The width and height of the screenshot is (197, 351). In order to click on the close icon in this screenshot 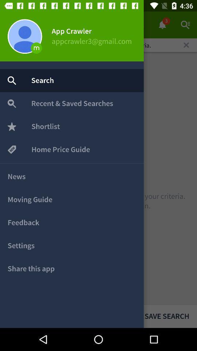, I will do `click(186, 45)`.